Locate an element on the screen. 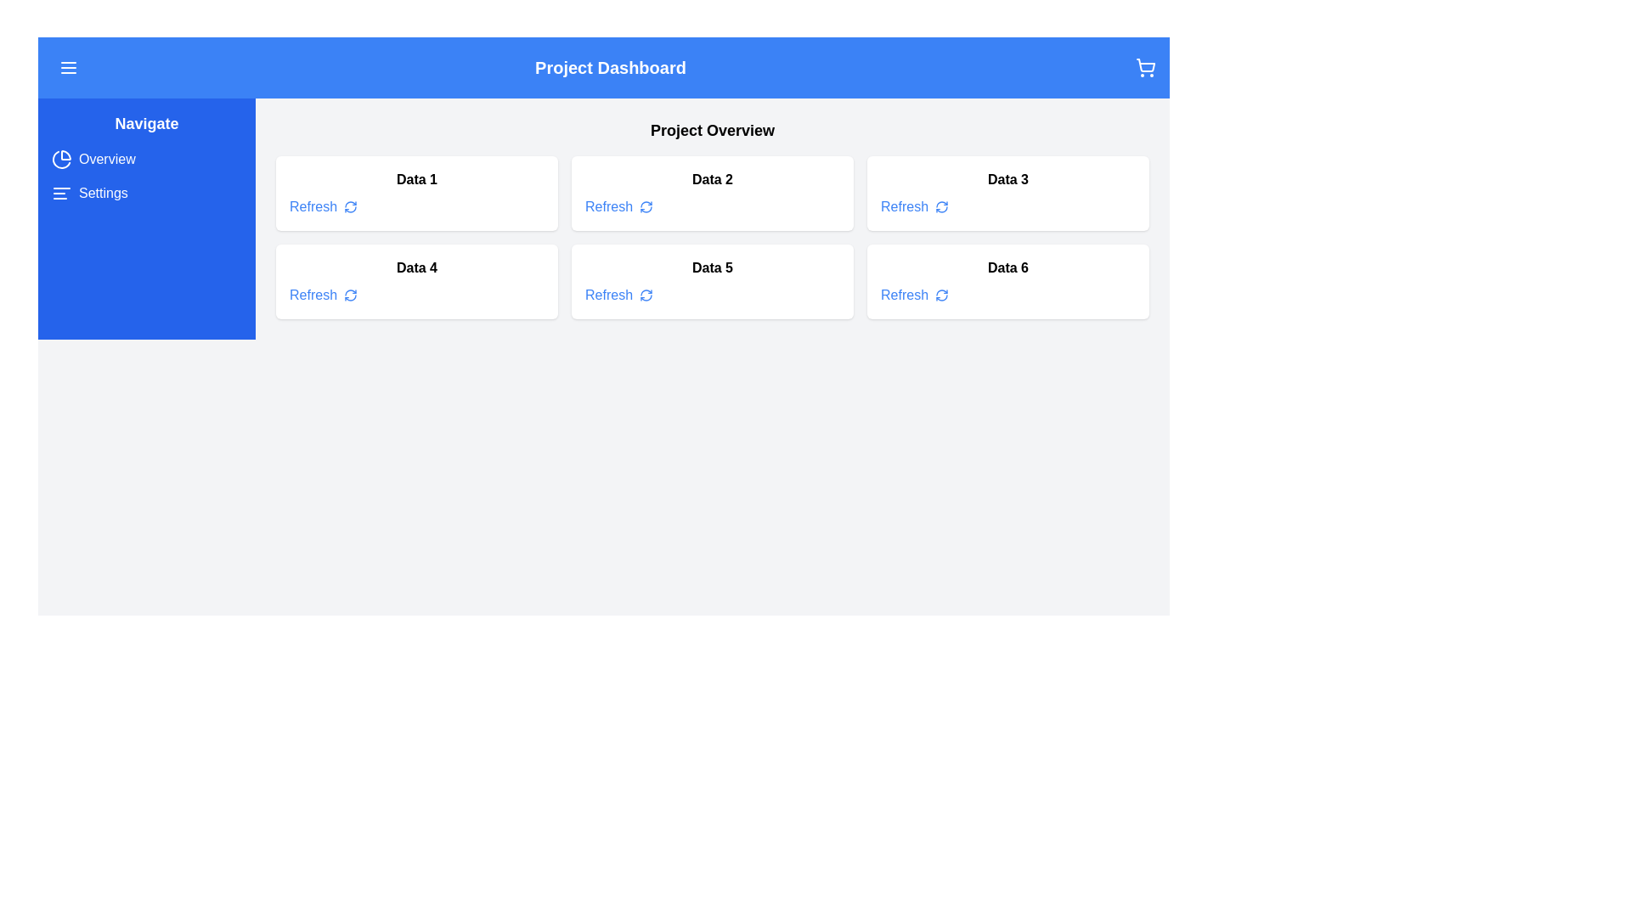 This screenshot has width=1631, height=917. the refresh button which contains a small circular arrow icon with a blue outline, located in the top-left card under 'Project Overview' is located at coordinates (349, 205).